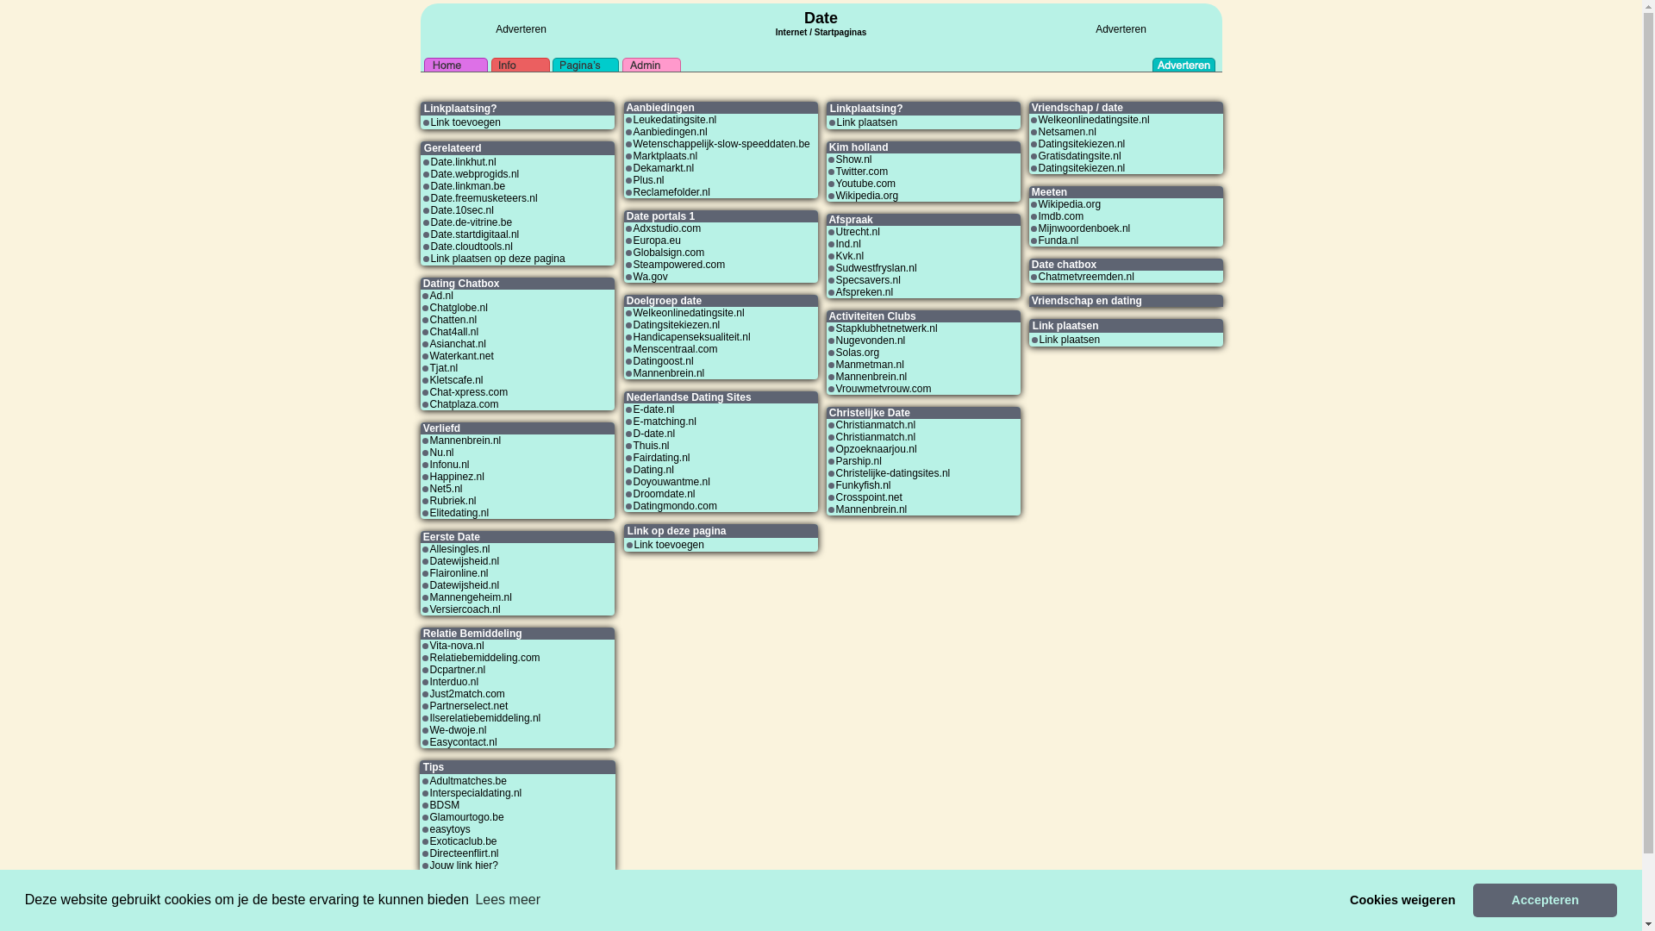 Image resolution: width=1655 pixels, height=931 pixels. I want to click on 'Adverteren', so click(1121, 29).